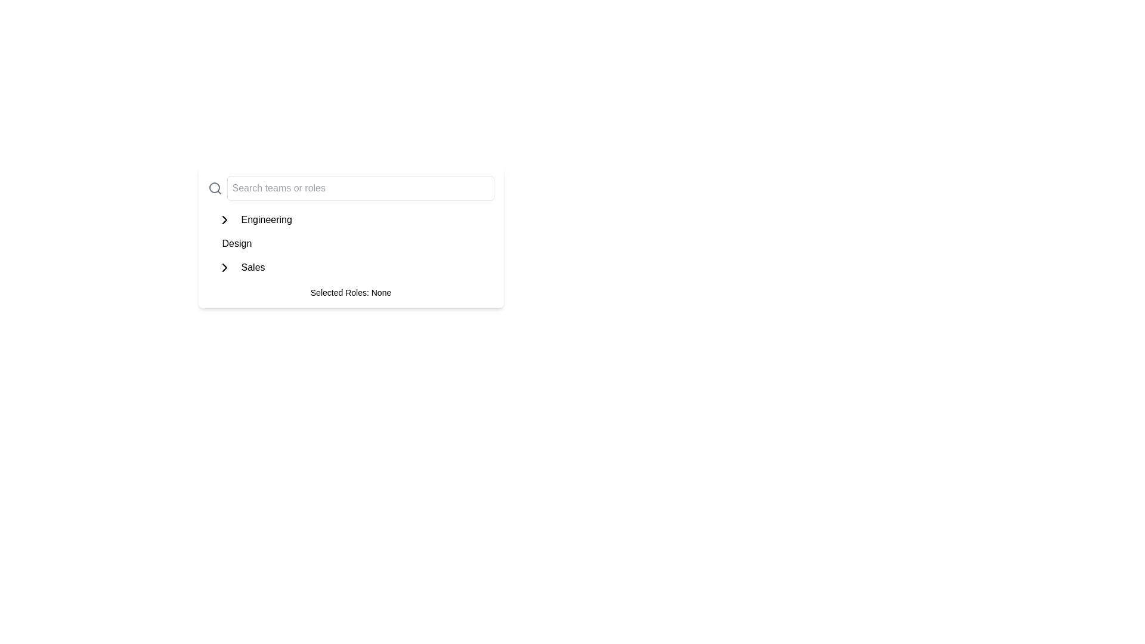 The image size is (1145, 644). I want to click on the 'Sales' button, which is the third item in a grouped layout of buttons for navigating or selecting categories, so click(364, 267).